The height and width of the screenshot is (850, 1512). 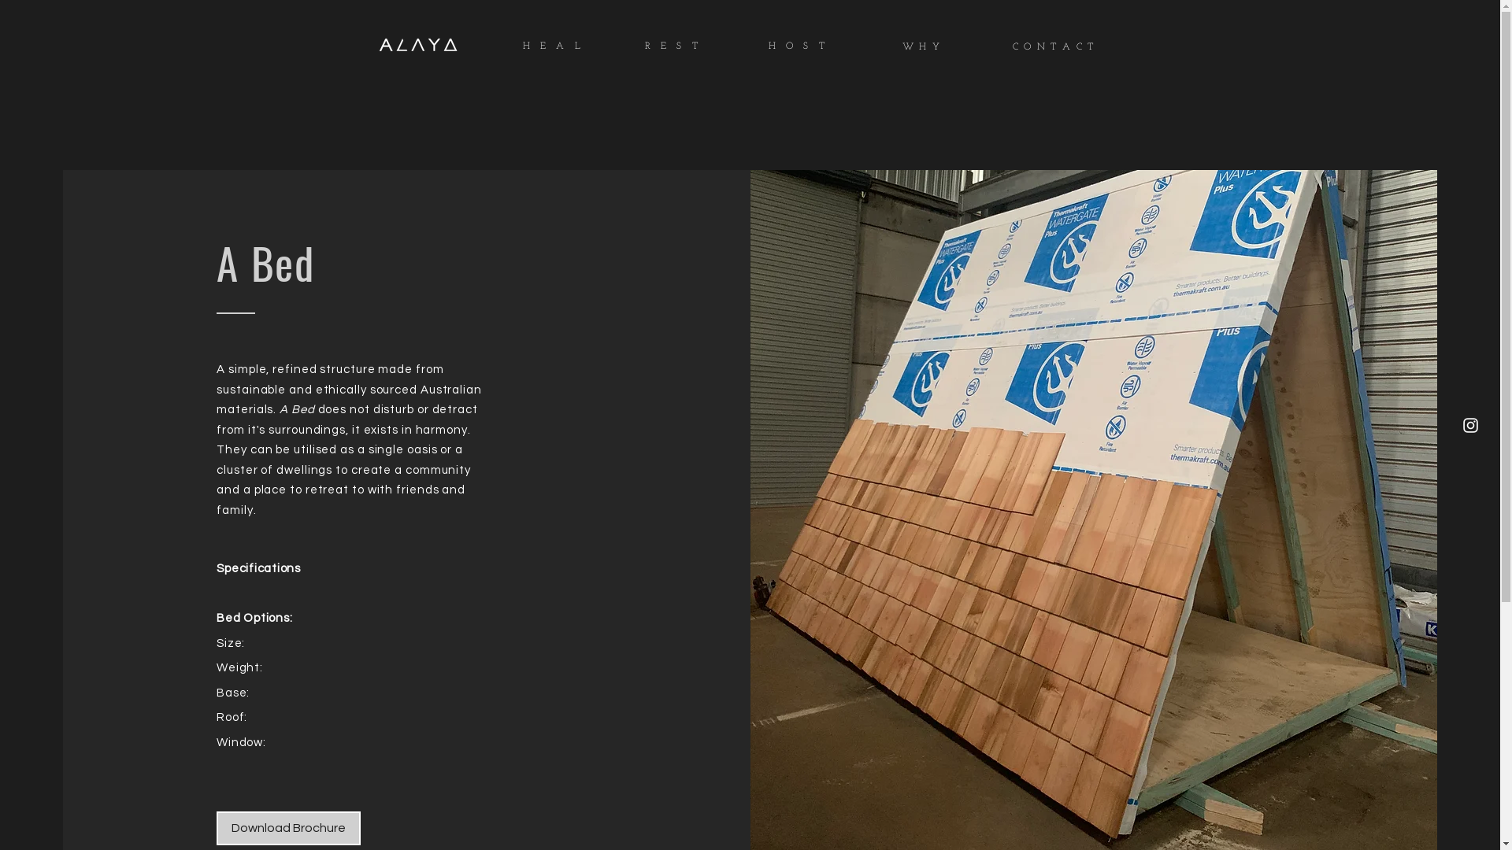 What do you see at coordinates (288, 827) in the screenshot?
I see `'Download Brochure'` at bounding box center [288, 827].